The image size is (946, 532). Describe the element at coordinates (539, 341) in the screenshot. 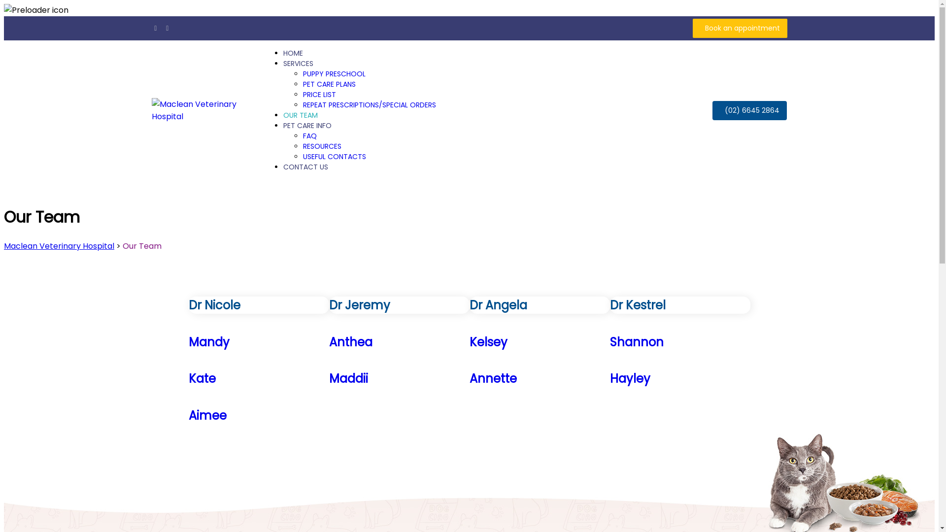

I see `'Kelsey'` at that location.